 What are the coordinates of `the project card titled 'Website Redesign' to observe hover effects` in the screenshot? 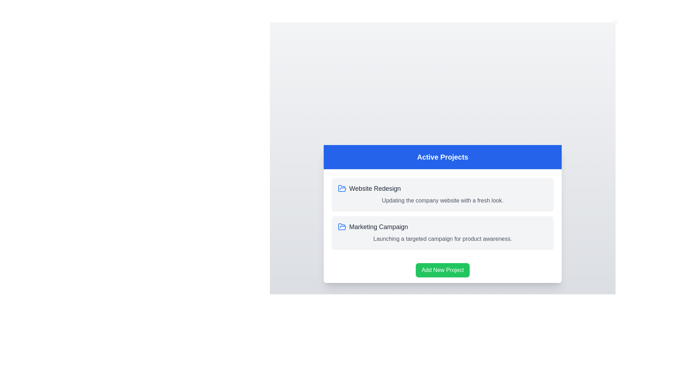 It's located at (442, 194).